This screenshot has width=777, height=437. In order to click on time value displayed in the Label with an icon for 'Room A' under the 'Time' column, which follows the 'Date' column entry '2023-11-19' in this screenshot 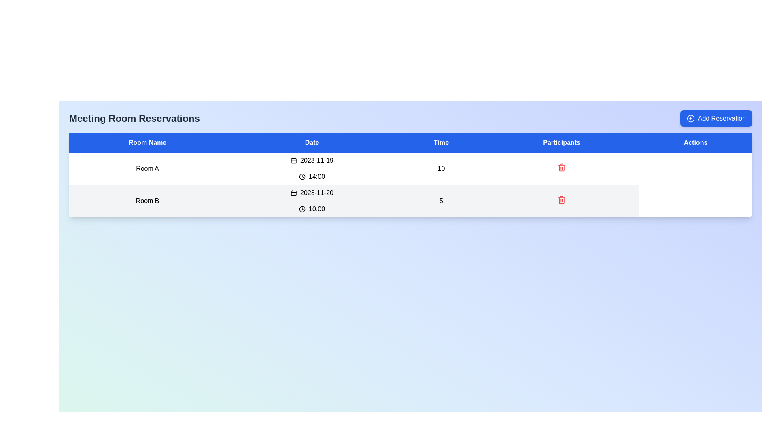, I will do `click(312, 176)`.